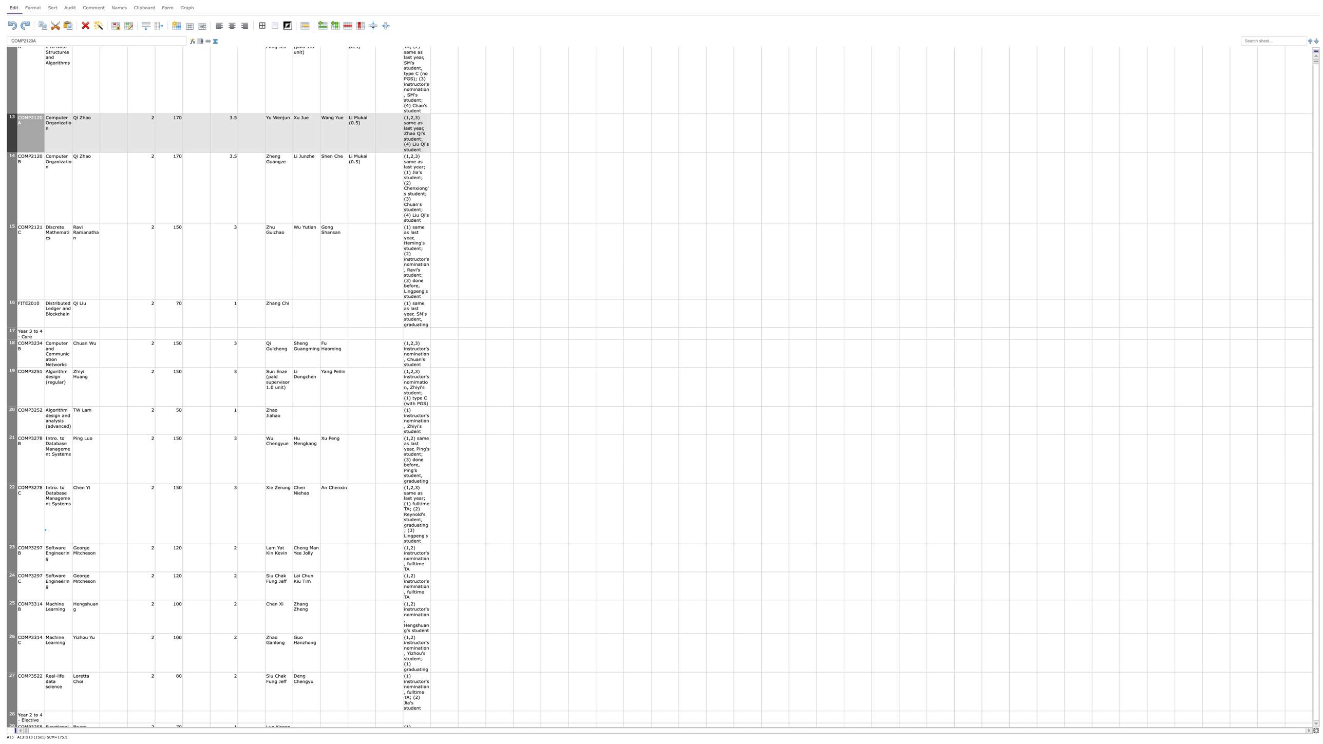 The width and height of the screenshot is (1323, 744). What do you see at coordinates (12, 600) in the screenshot?
I see `the resize handle of row 24` at bounding box center [12, 600].